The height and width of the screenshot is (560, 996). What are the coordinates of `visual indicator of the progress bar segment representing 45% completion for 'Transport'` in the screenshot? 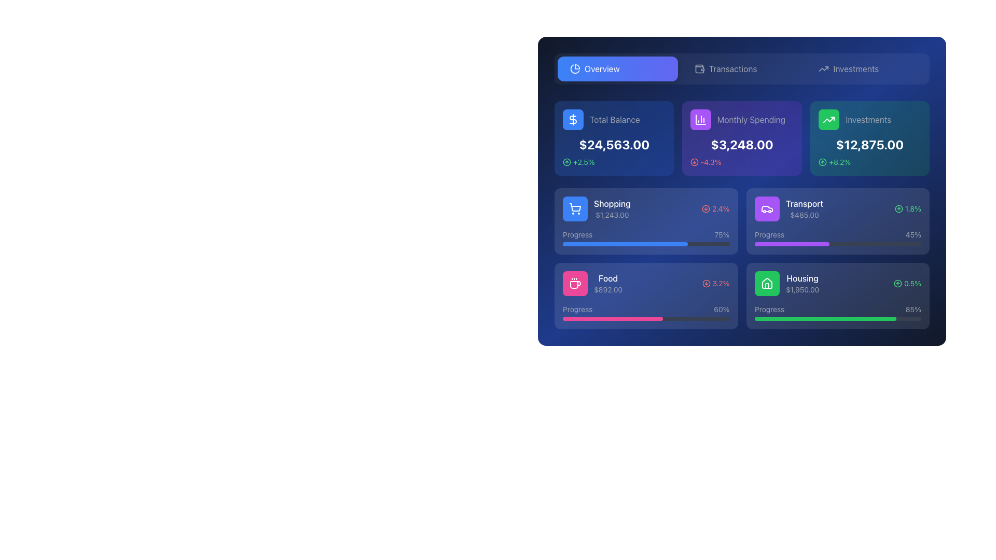 It's located at (791, 244).